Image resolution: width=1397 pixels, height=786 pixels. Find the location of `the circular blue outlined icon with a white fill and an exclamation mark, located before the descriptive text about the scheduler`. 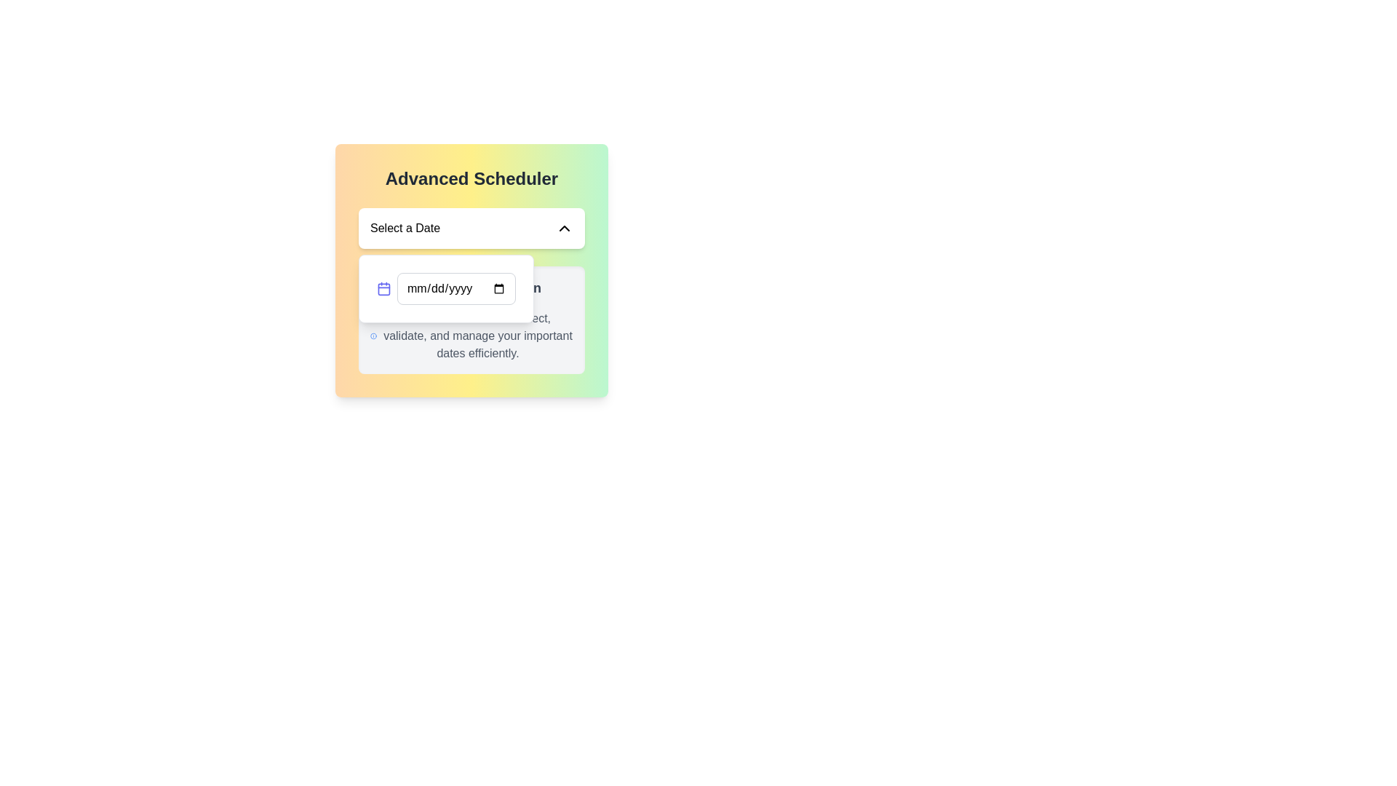

the circular blue outlined icon with a white fill and an exclamation mark, located before the descriptive text about the scheduler is located at coordinates (373, 336).